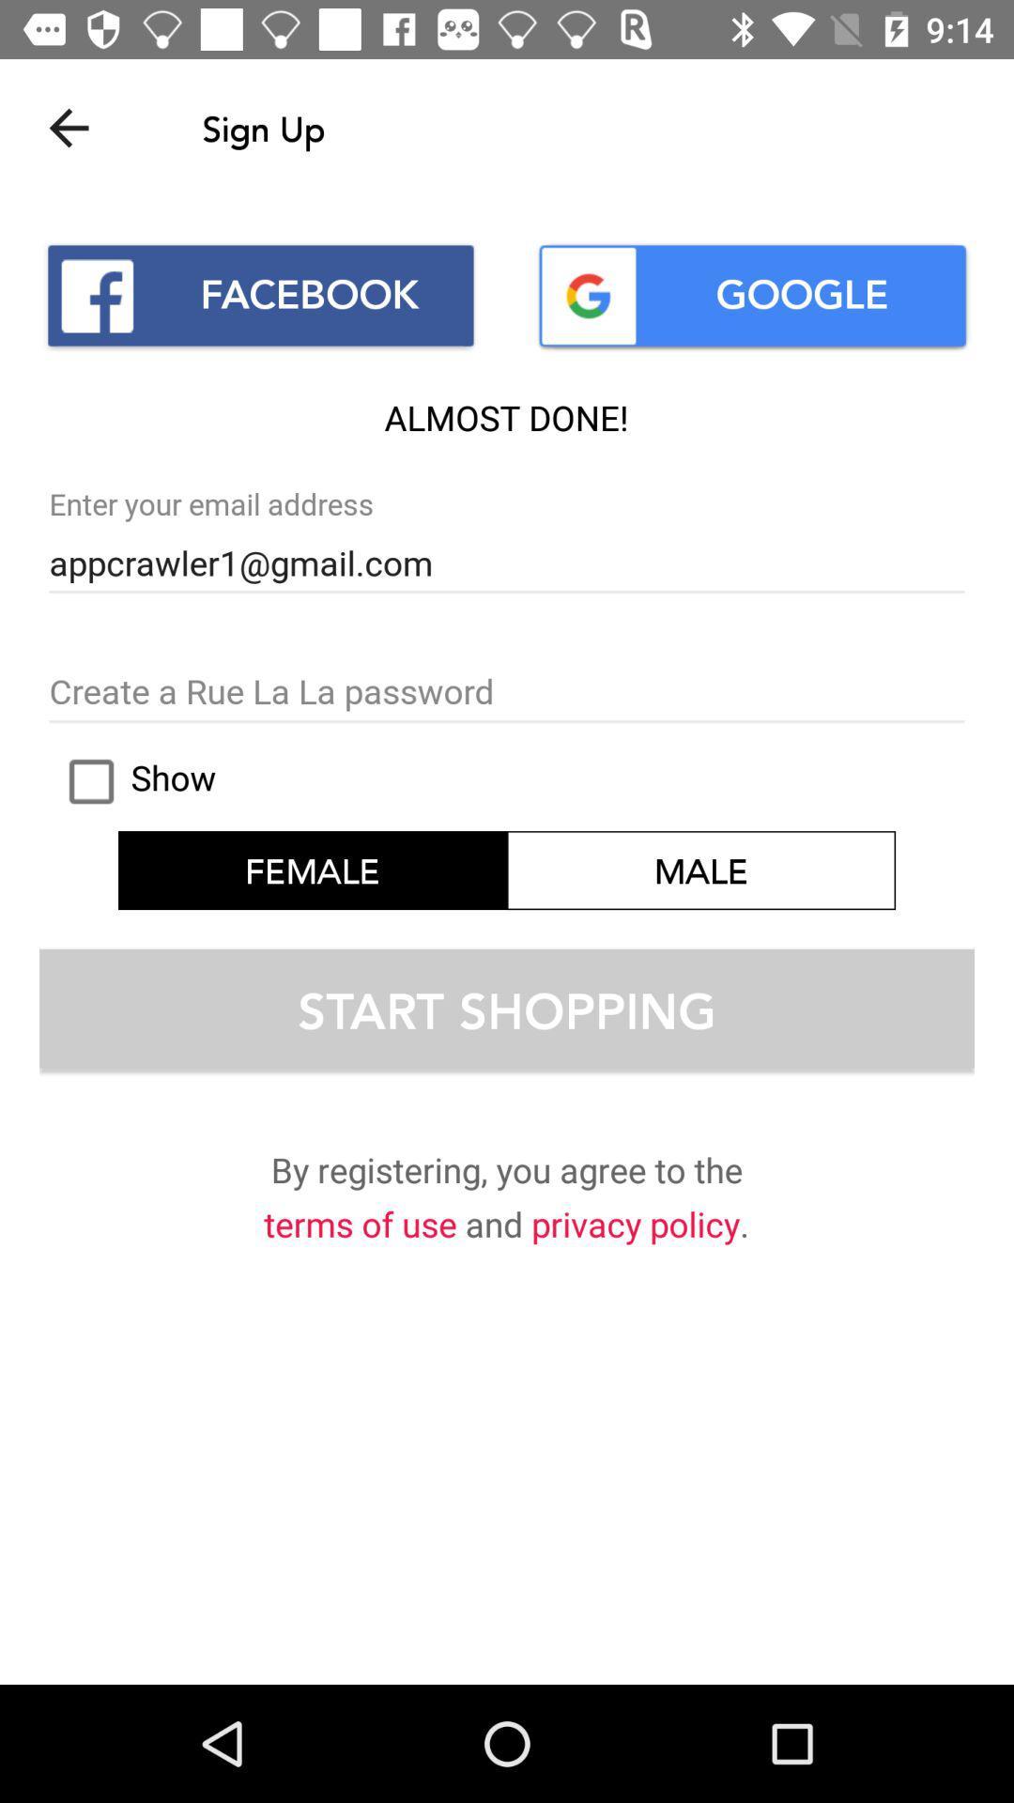 This screenshot has width=1014, height=1803. I want to click on advertisement page, so click(507, 692).